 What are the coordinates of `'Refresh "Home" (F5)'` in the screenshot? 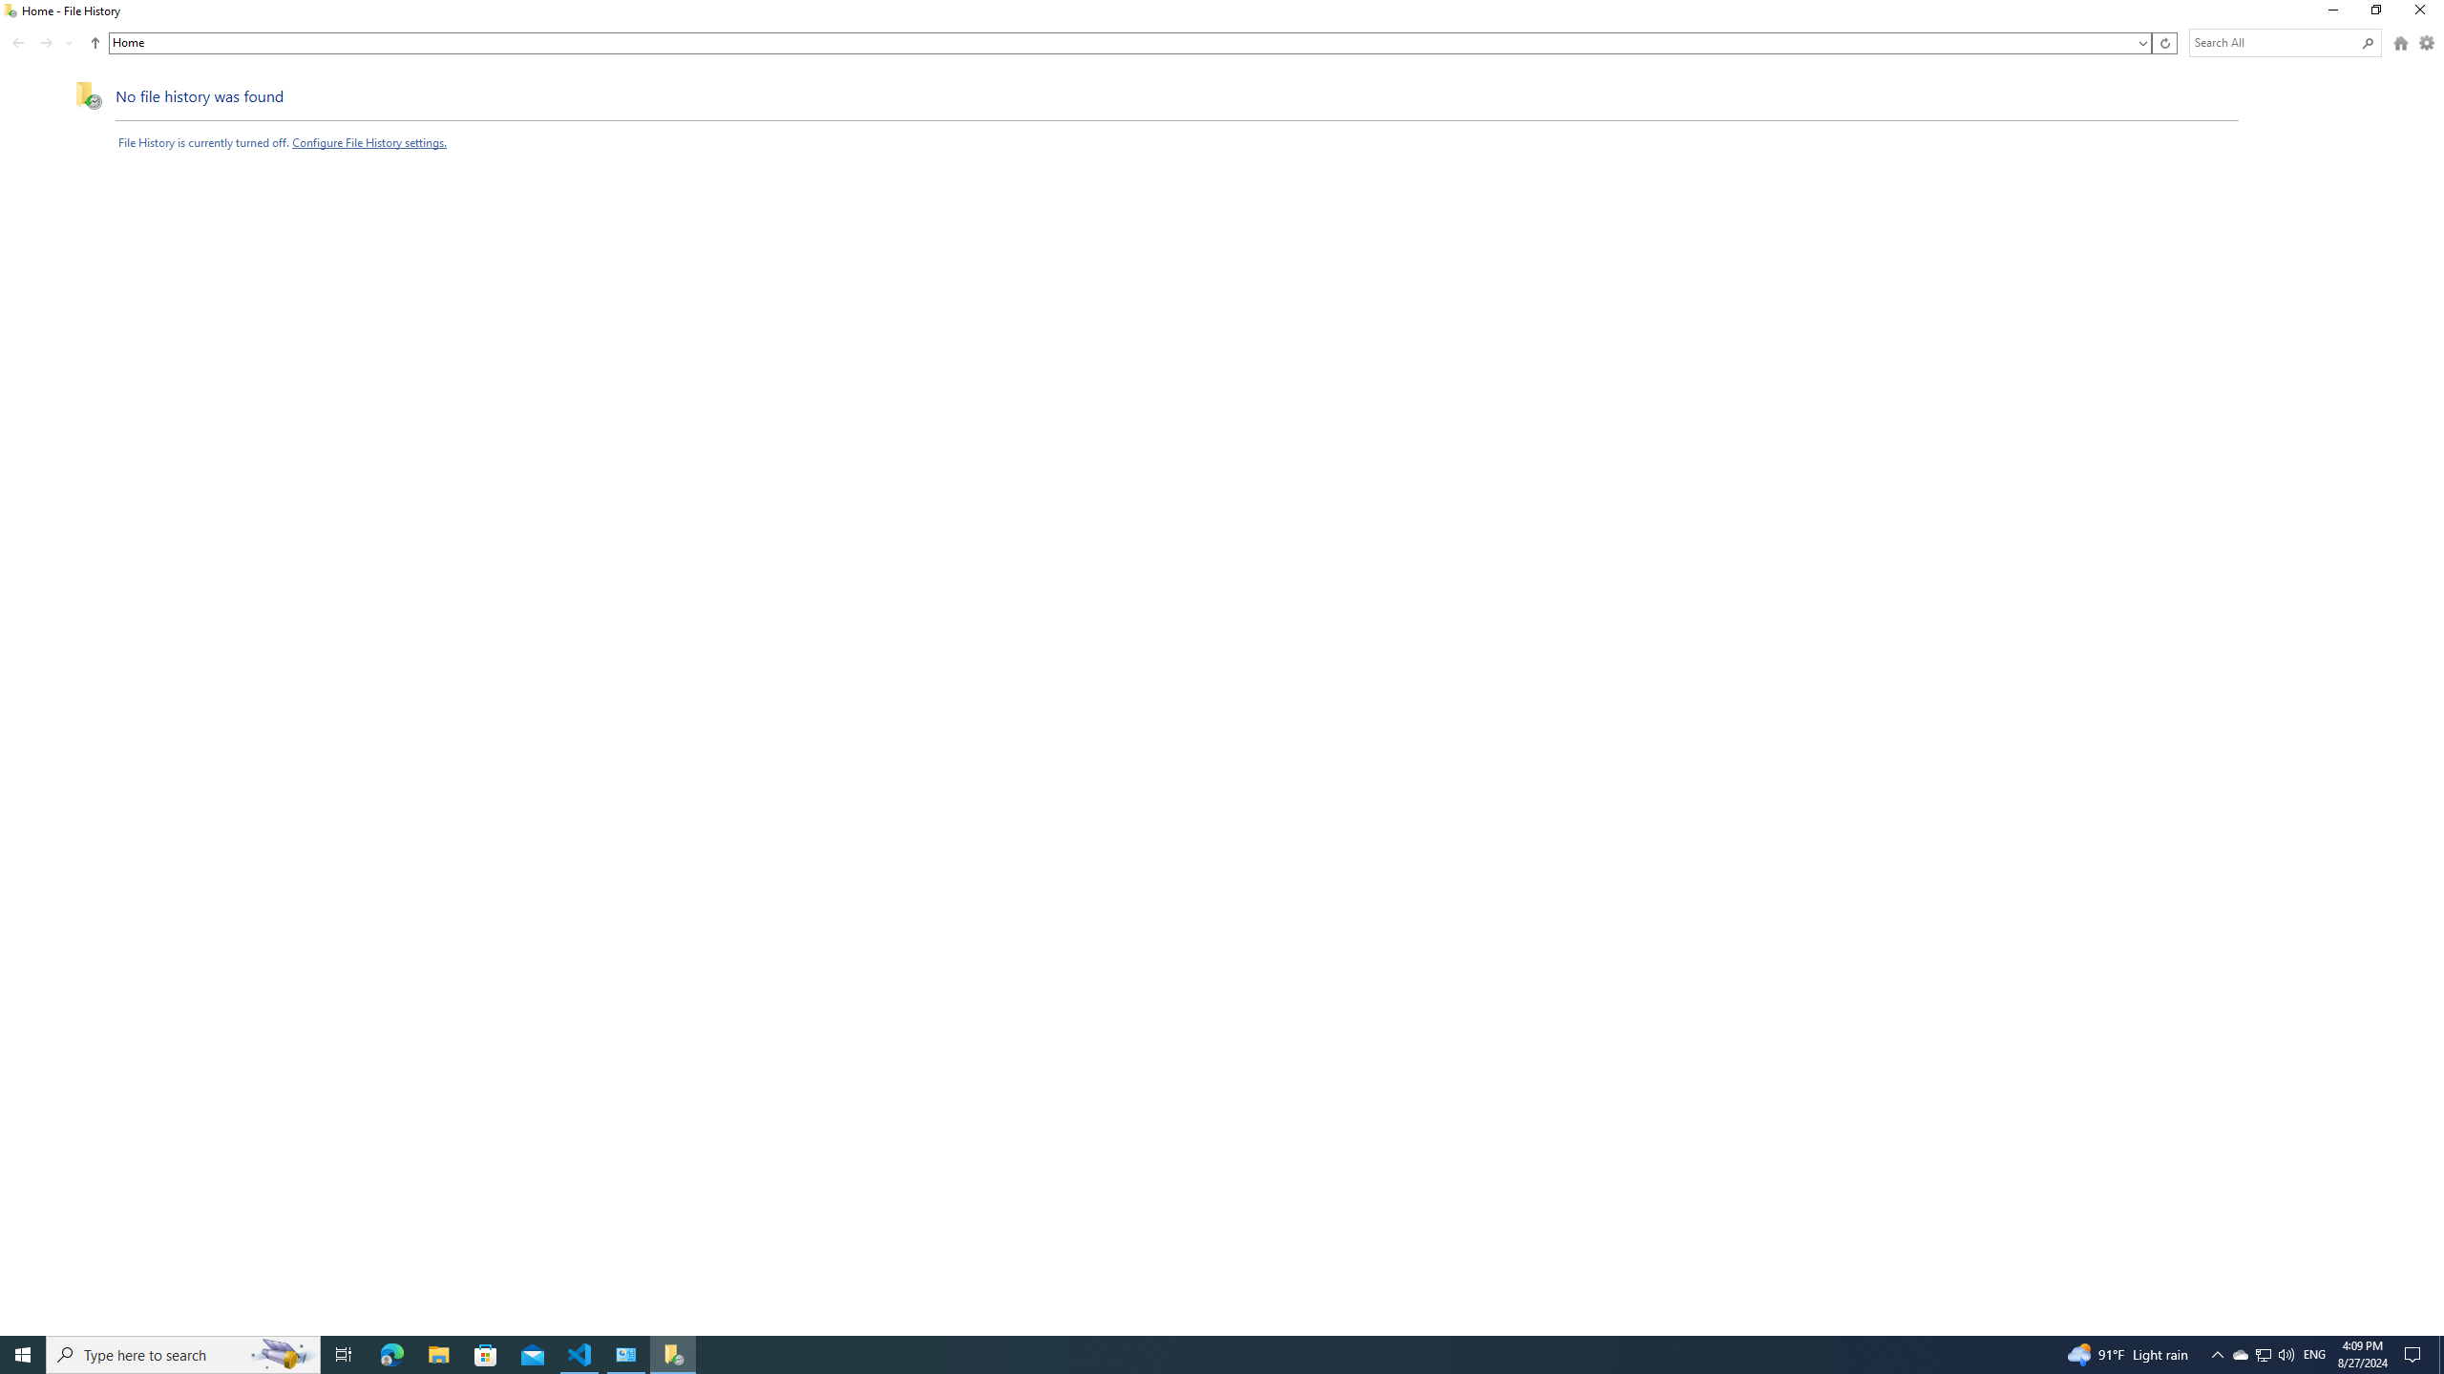 It's located at (2163, 43).